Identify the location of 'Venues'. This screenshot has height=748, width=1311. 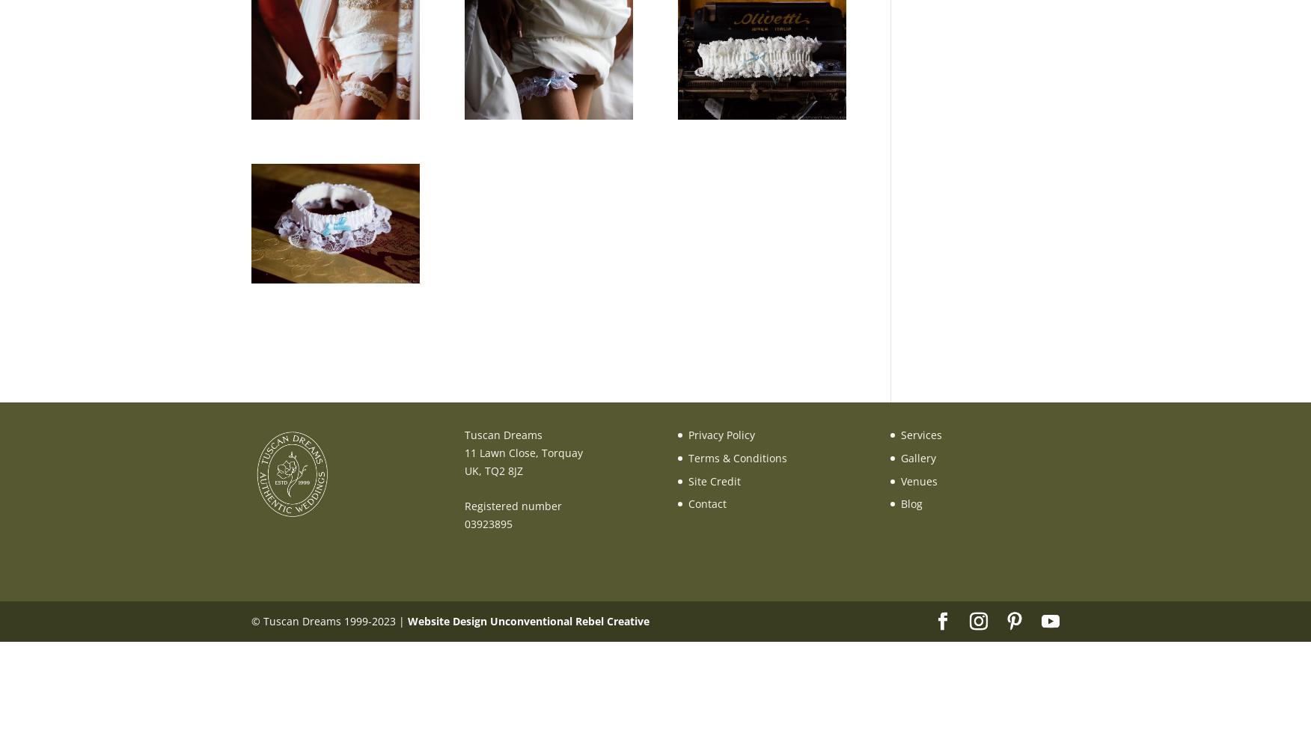
(919, 480).